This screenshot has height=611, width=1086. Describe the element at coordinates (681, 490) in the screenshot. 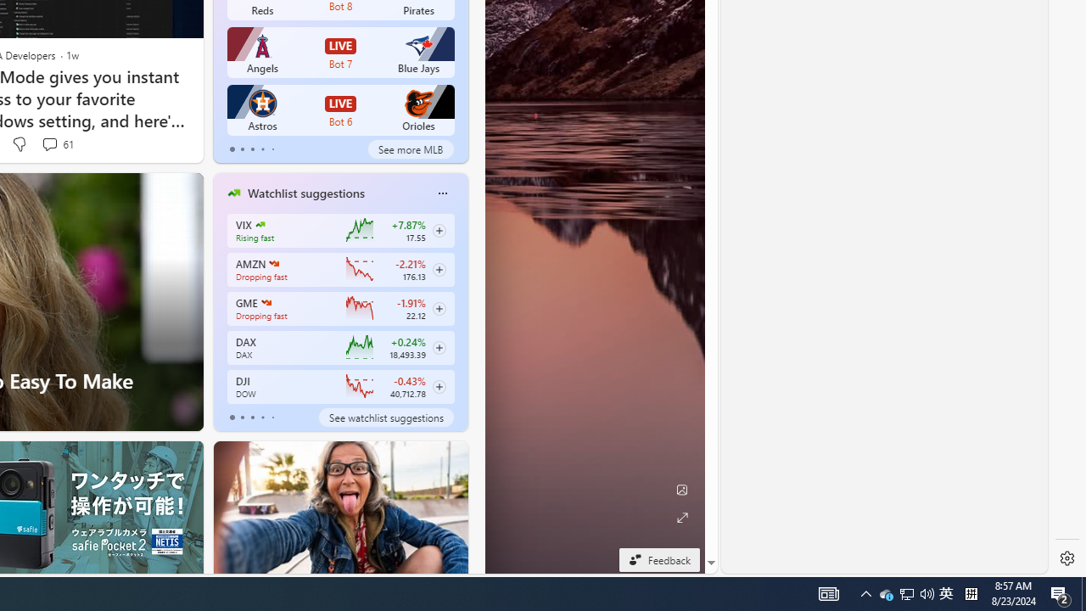

I see `'Edit Background'` at that location.